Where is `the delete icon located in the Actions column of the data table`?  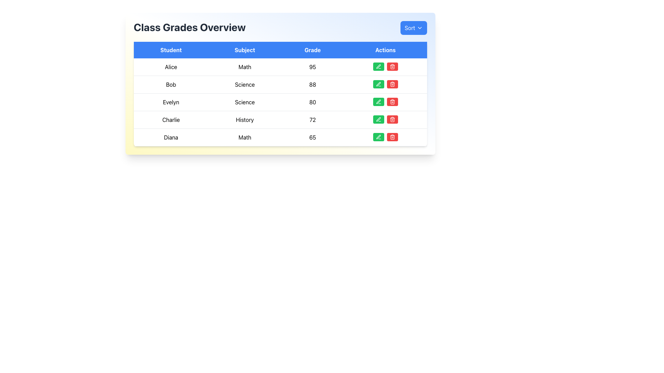
the delete icon located in the Actions column of the data table is located at coordinates (392, 137).